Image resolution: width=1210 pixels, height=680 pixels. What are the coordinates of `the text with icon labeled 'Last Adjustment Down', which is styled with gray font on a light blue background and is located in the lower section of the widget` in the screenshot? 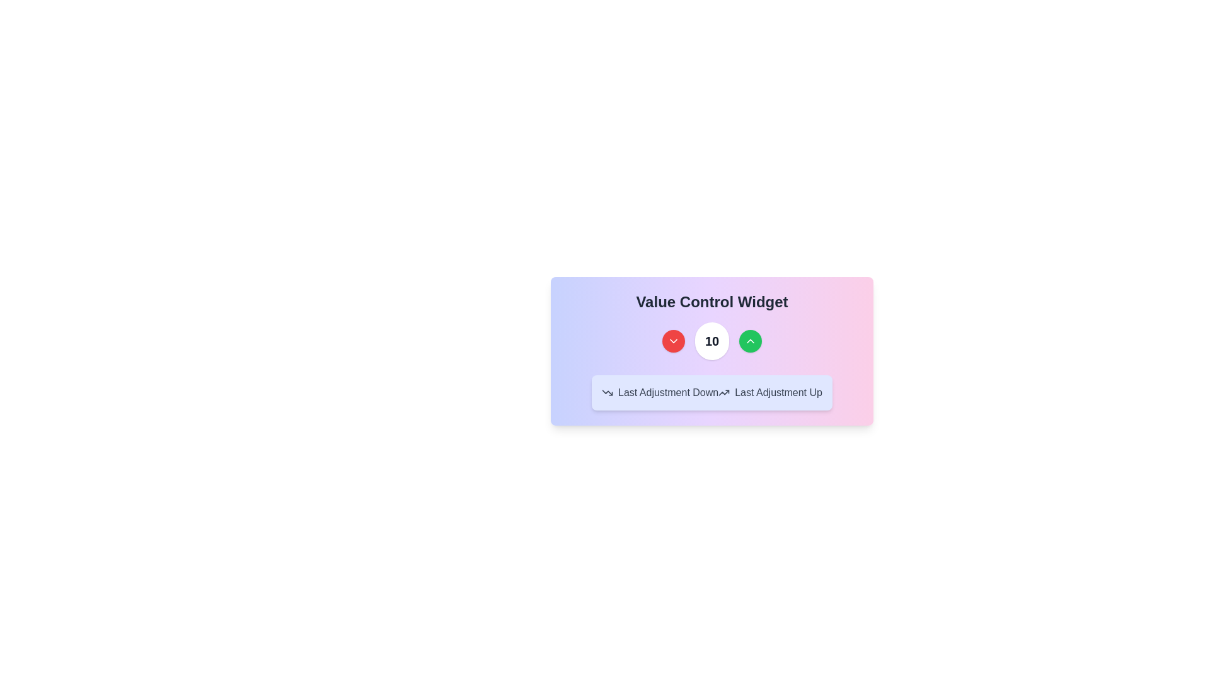 It's located at (659, 392).